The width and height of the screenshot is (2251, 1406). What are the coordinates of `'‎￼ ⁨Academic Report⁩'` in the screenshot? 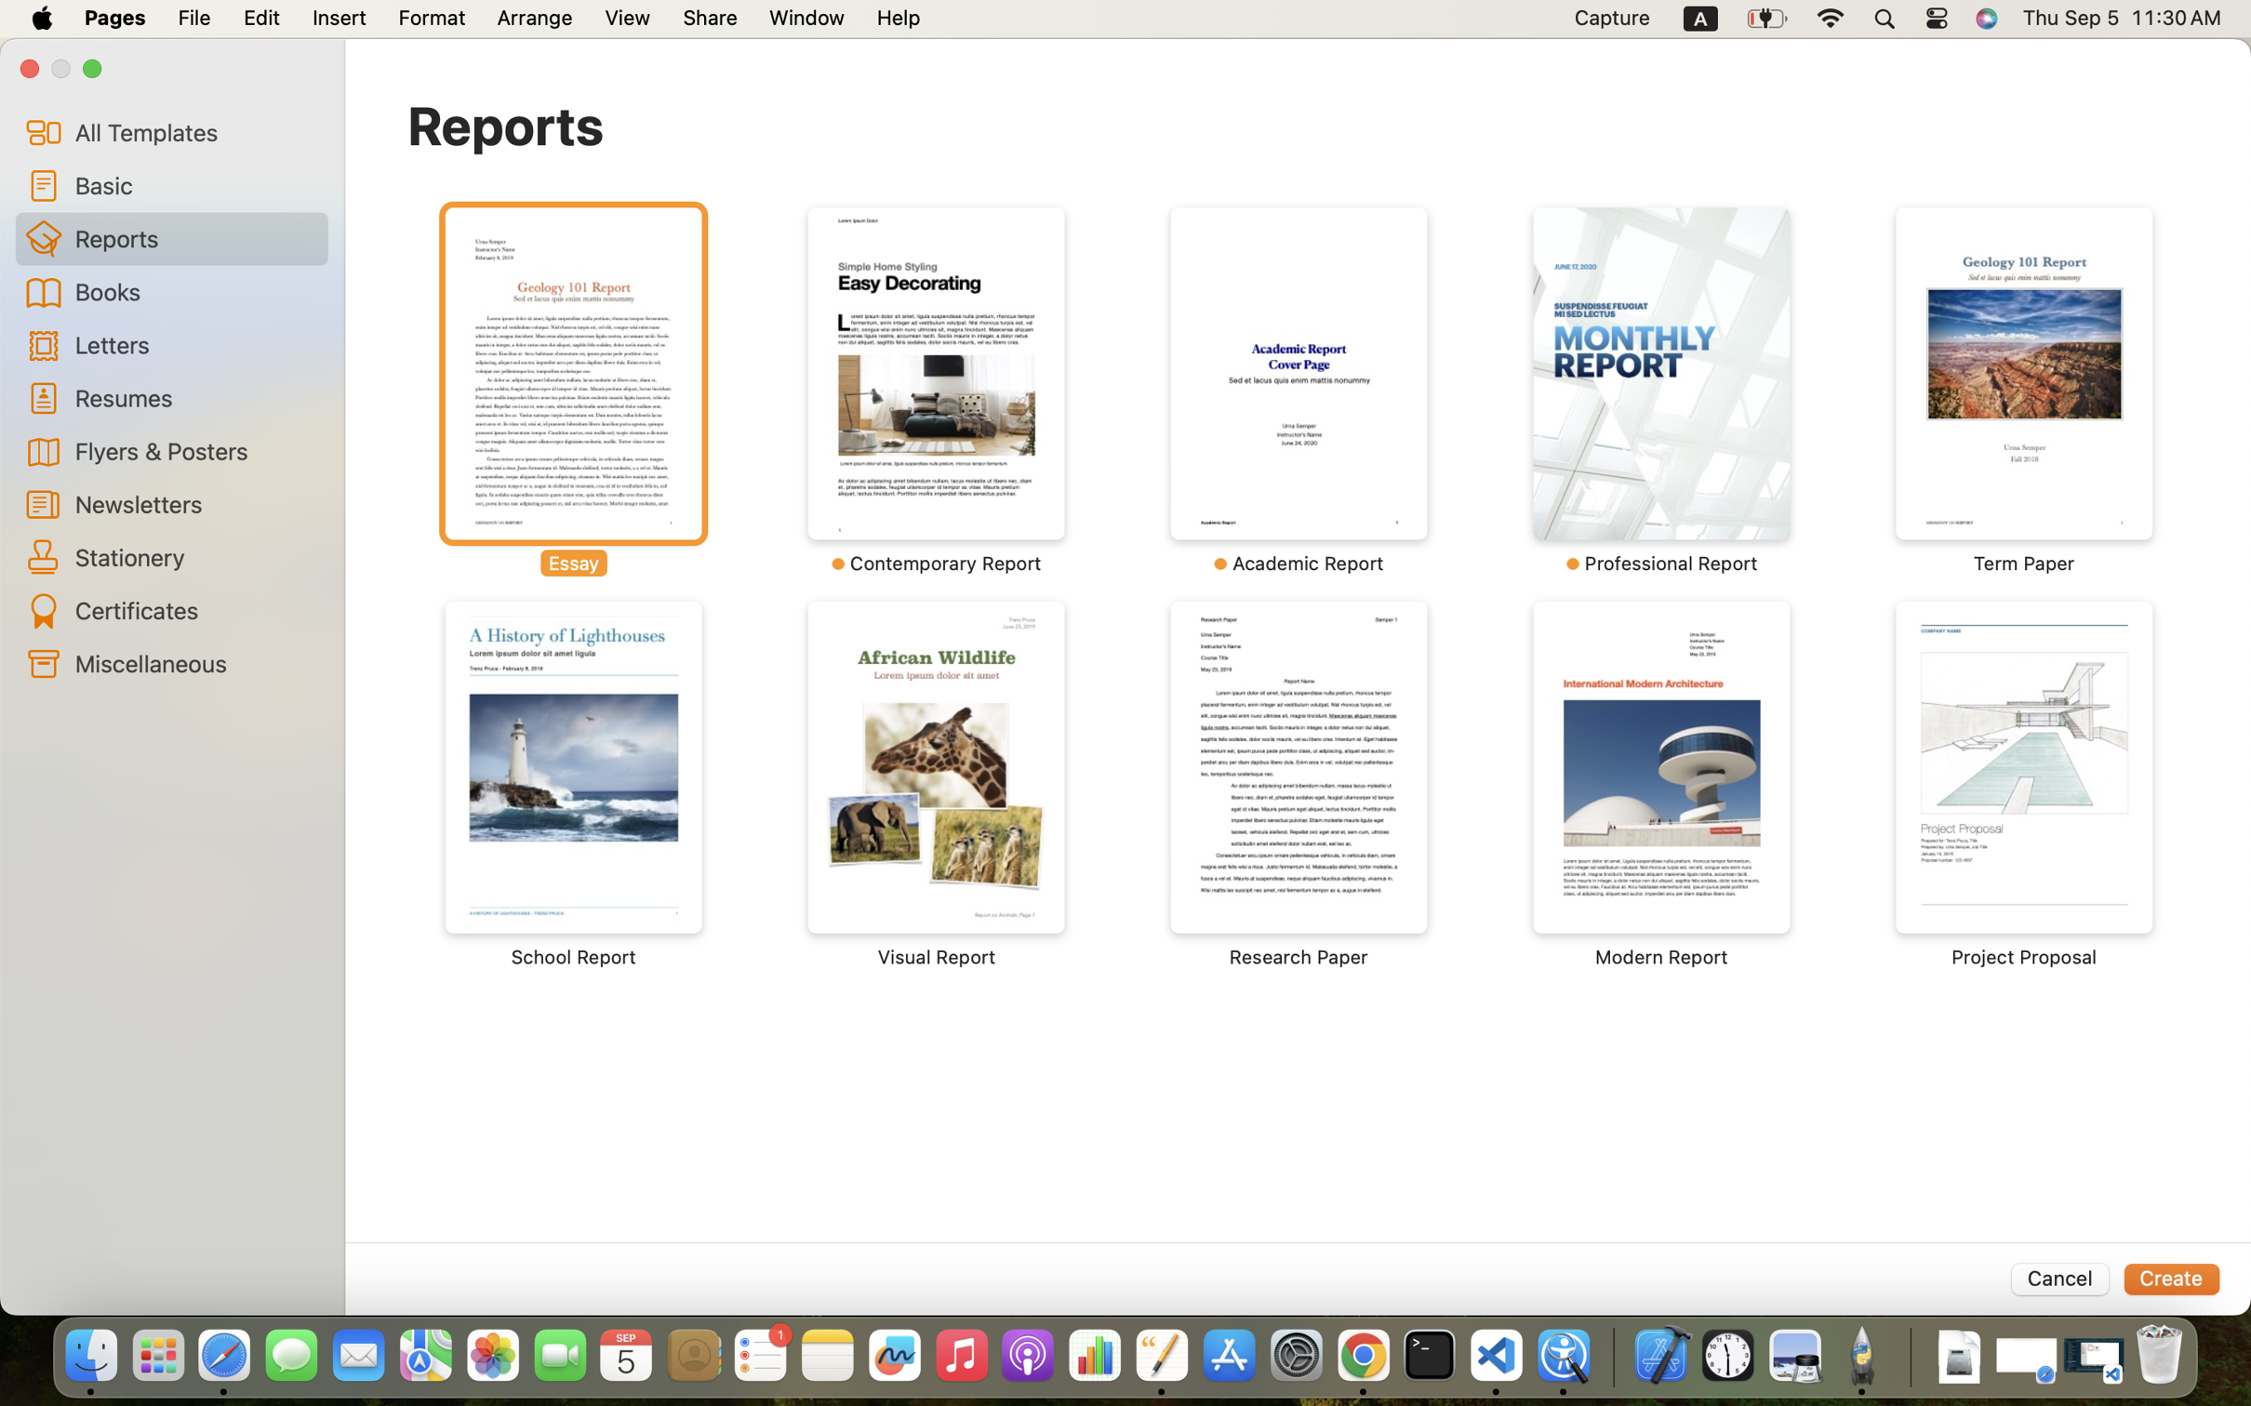 It's located at (1299, 390).